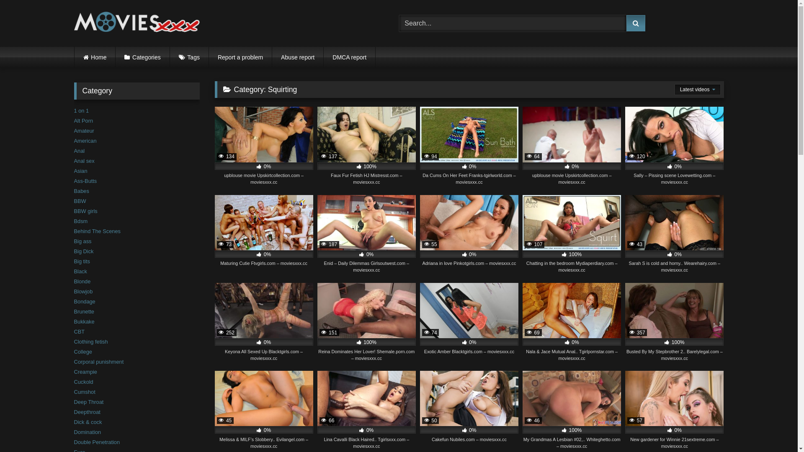 The image size is (804, 452). I want to click on 'DMCA report', so click(349, 57).